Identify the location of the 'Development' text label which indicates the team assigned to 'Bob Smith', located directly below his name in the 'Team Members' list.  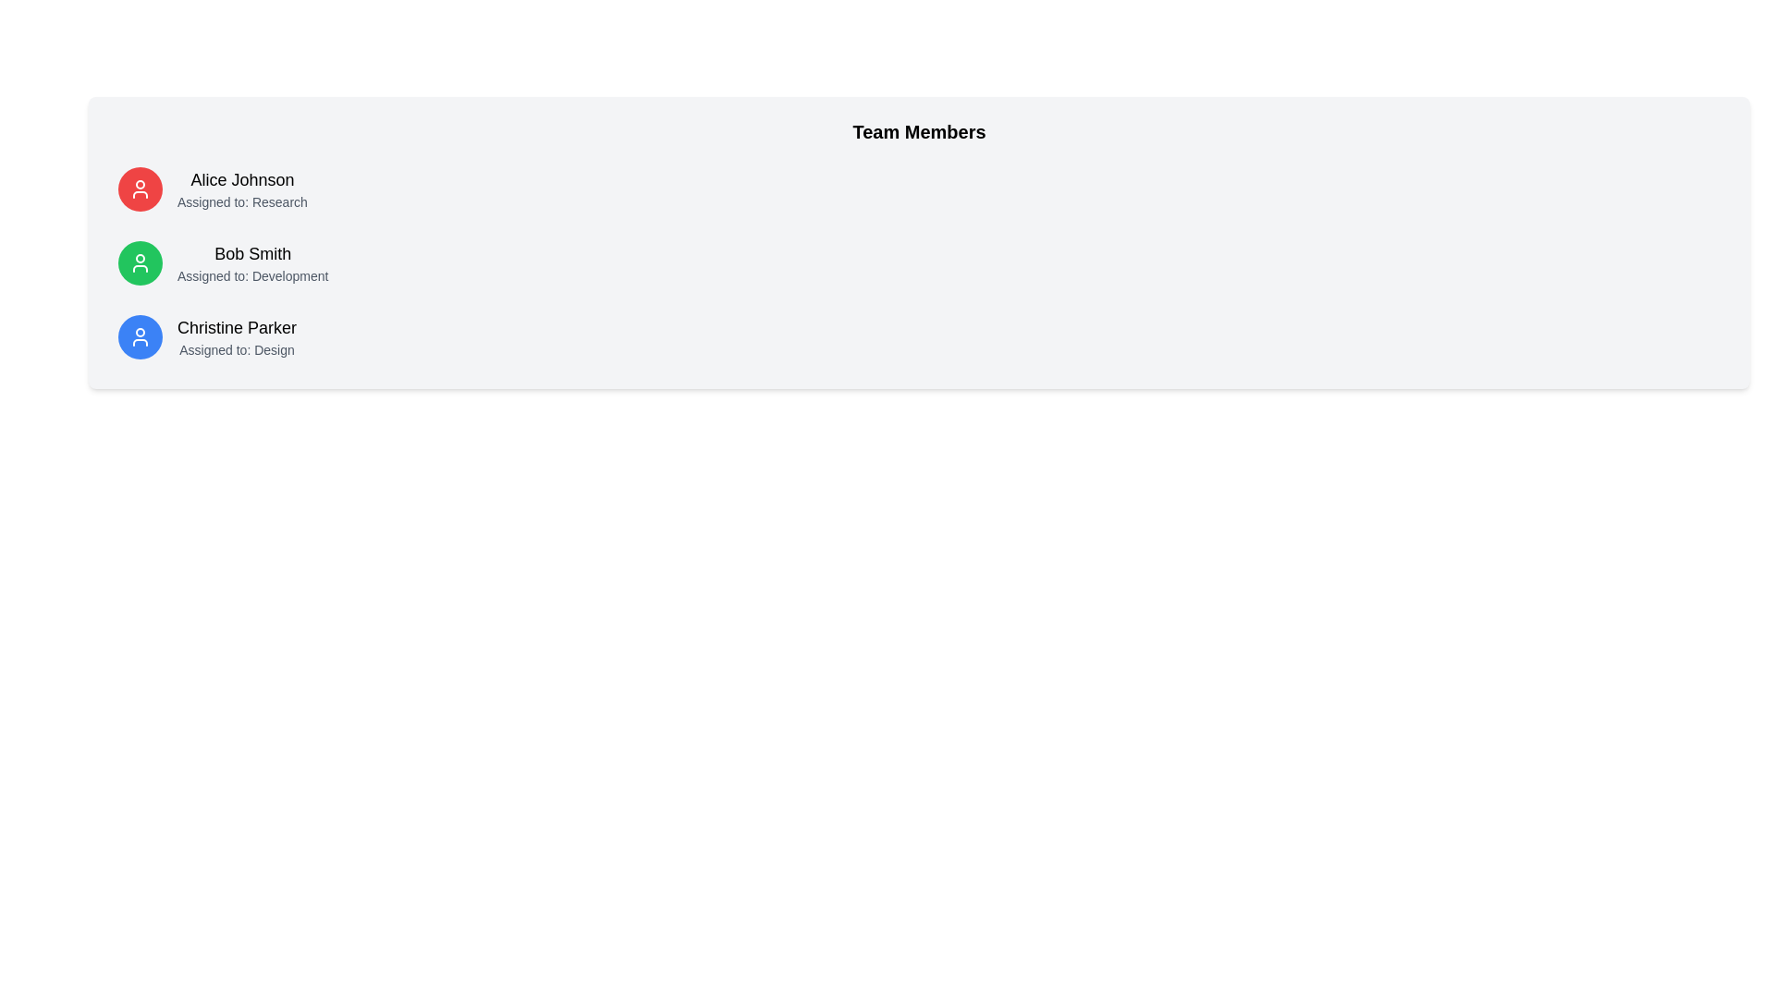
(251, 276).